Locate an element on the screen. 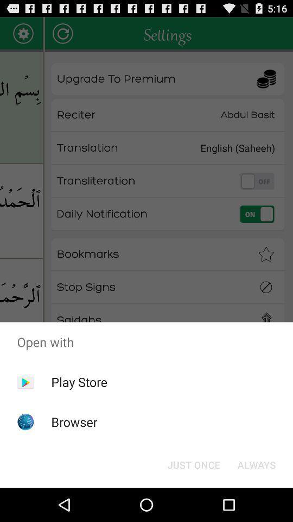 This screenshot has height=522, width=293. item at the bottom is located at coordinates (193, 464).